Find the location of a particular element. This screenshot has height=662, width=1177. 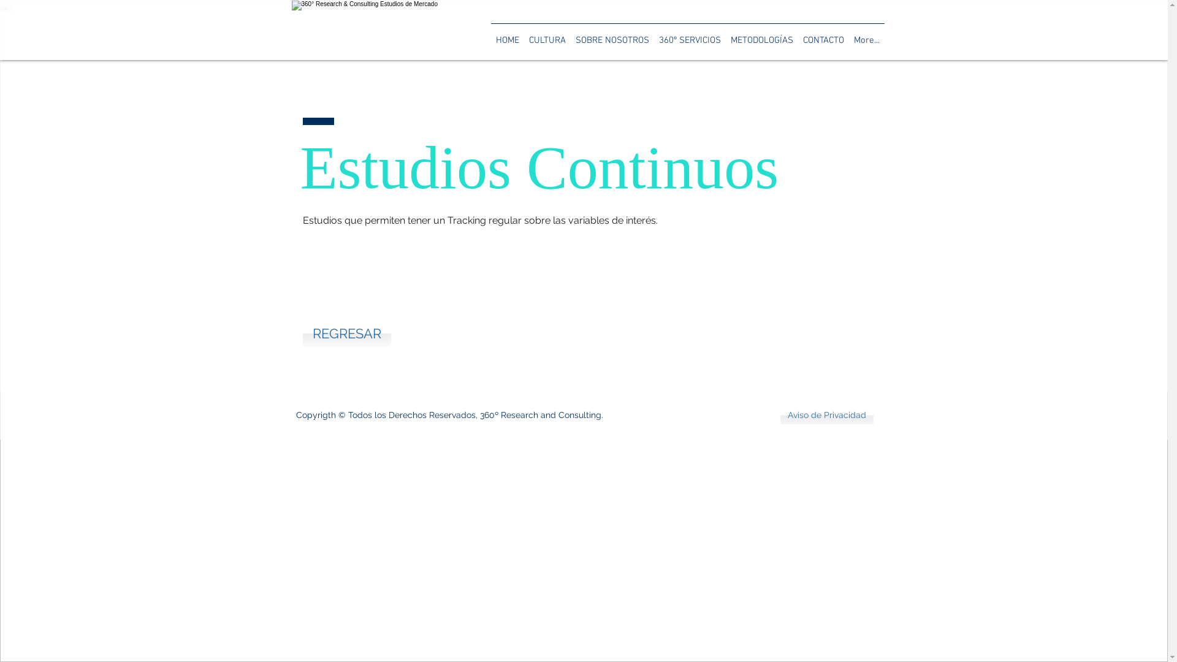

'REGRESAR' is located at coordinates (346, 333).